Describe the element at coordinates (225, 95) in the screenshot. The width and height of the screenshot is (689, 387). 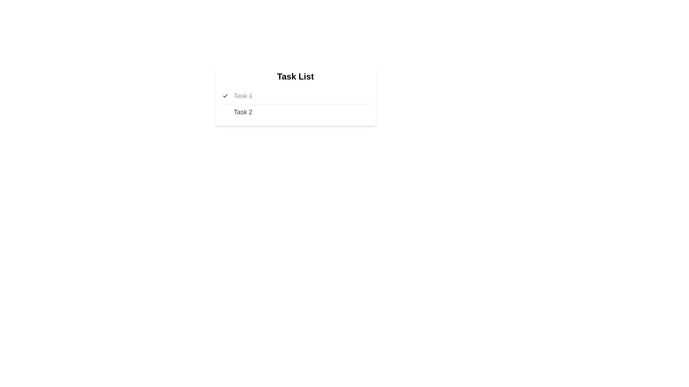
I see `the checkmark icon indicating task completion for 'Task 1', which is styled with a rounded design and located closely to the left of the 'Task 1' text` at that location.